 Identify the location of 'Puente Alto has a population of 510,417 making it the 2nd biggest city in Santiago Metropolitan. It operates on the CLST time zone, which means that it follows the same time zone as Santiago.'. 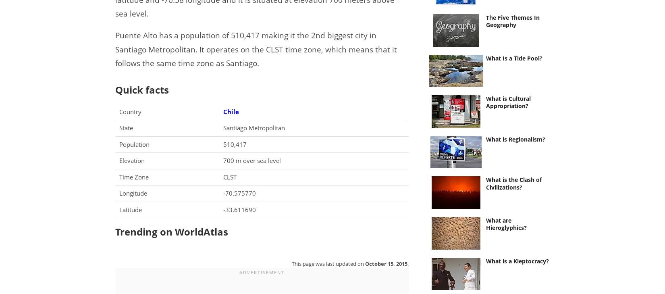
(115, 49).